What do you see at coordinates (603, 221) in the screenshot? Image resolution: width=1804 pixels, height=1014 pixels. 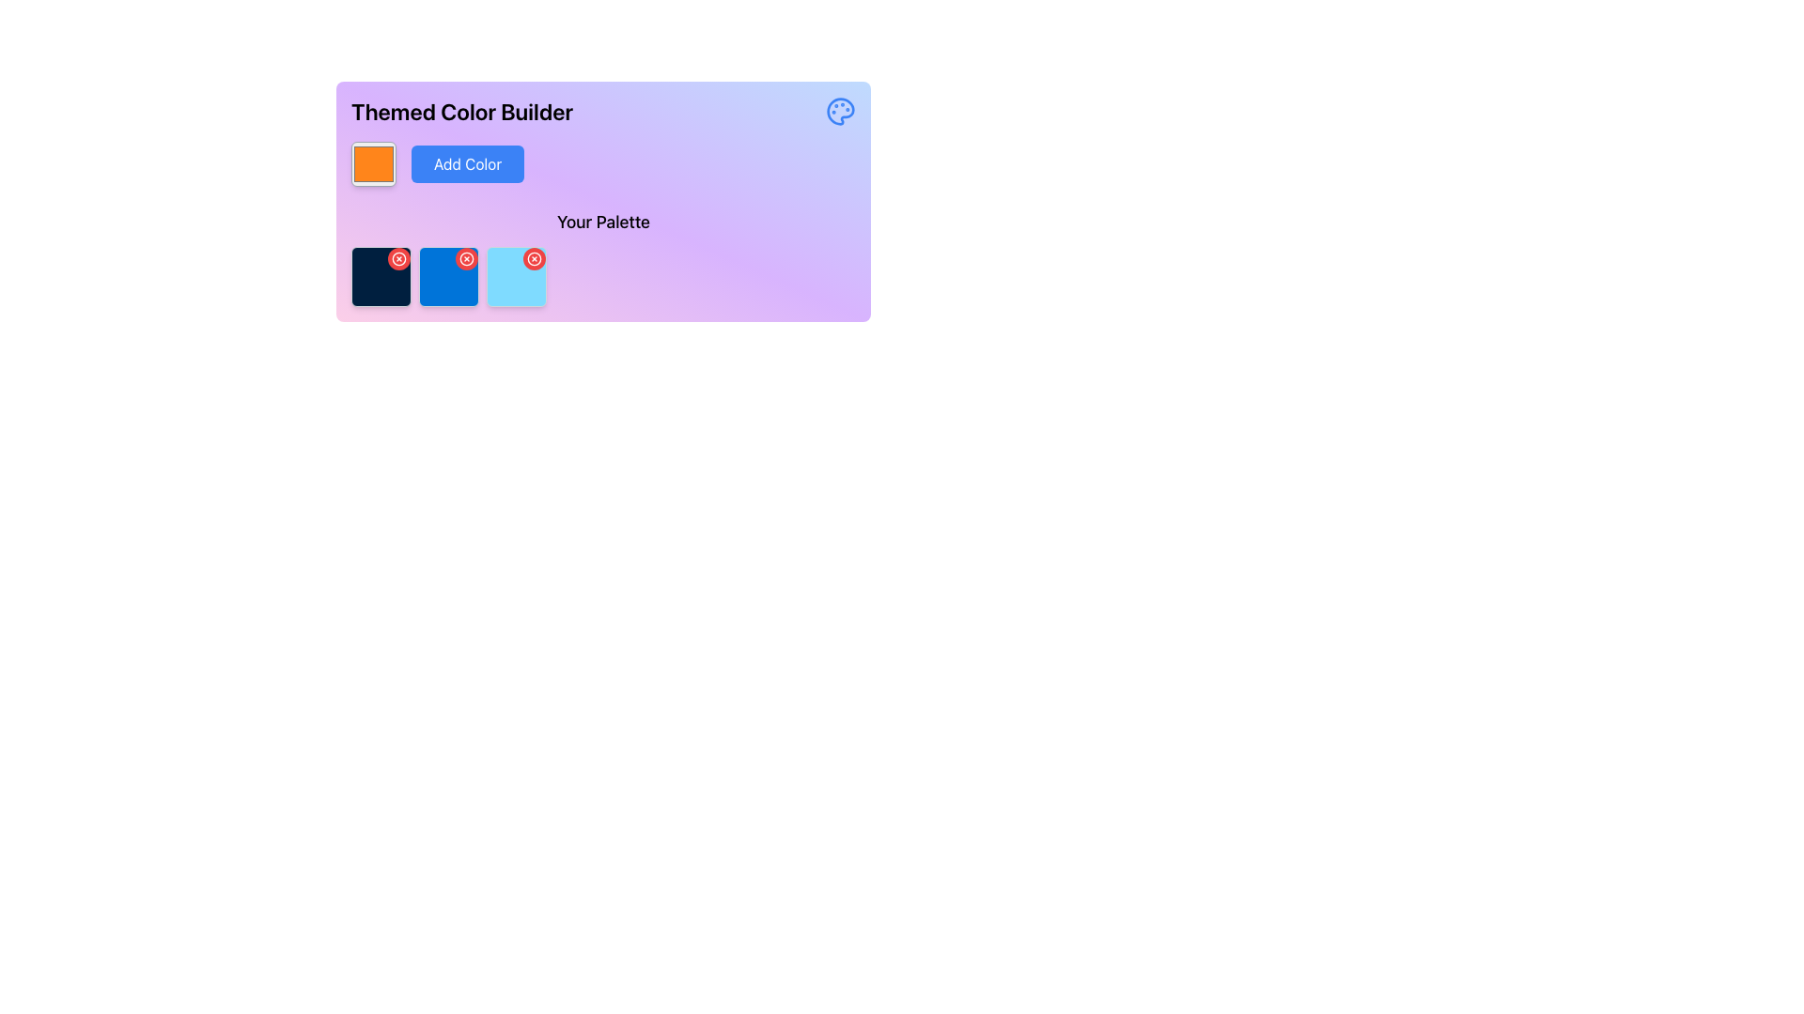 I see `the text label displaying 'Your Palette', which is centrally located at the bottom area of the color-building section above the color preview squares` at bounding box center [603, 221].